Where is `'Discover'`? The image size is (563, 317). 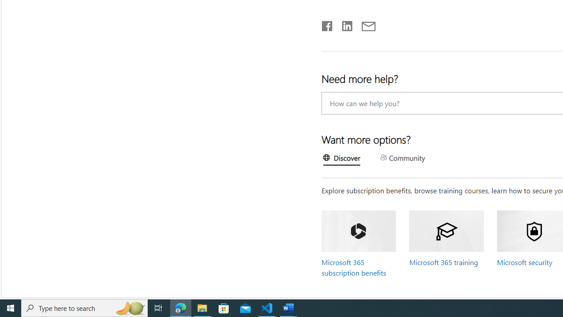 'Discover' is located at coordinates (341, 159).